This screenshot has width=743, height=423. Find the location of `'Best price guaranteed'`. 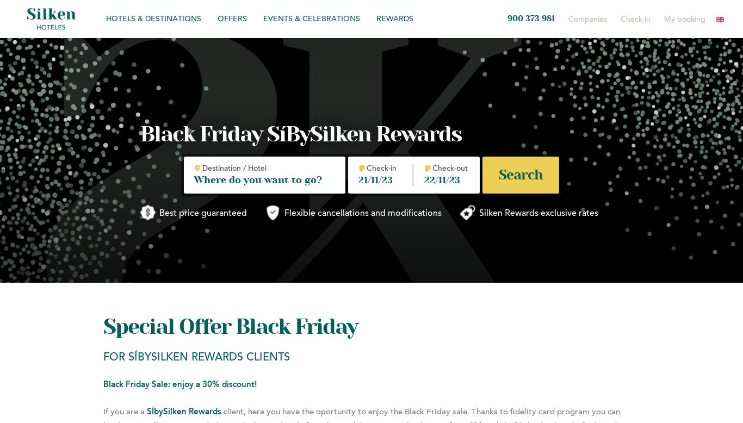

'Best price guaranteed' is located at coordinates (202, 213).